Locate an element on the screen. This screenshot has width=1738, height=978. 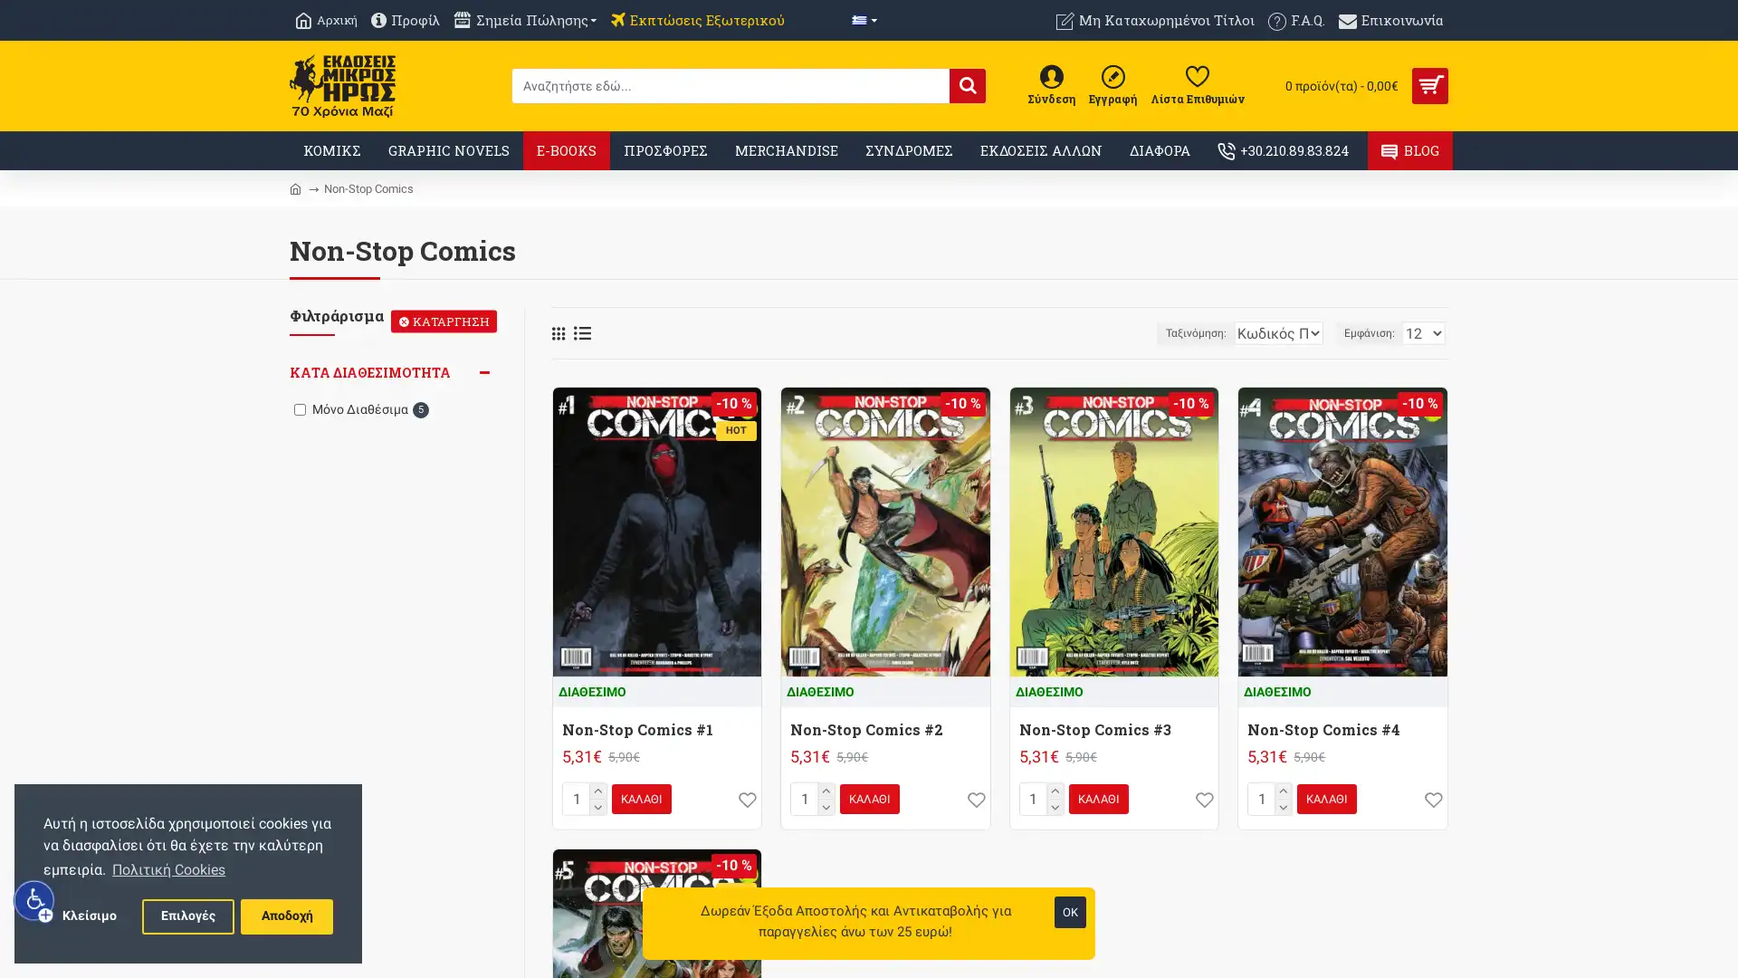
allow cookies is located at coordinates (285, 916).